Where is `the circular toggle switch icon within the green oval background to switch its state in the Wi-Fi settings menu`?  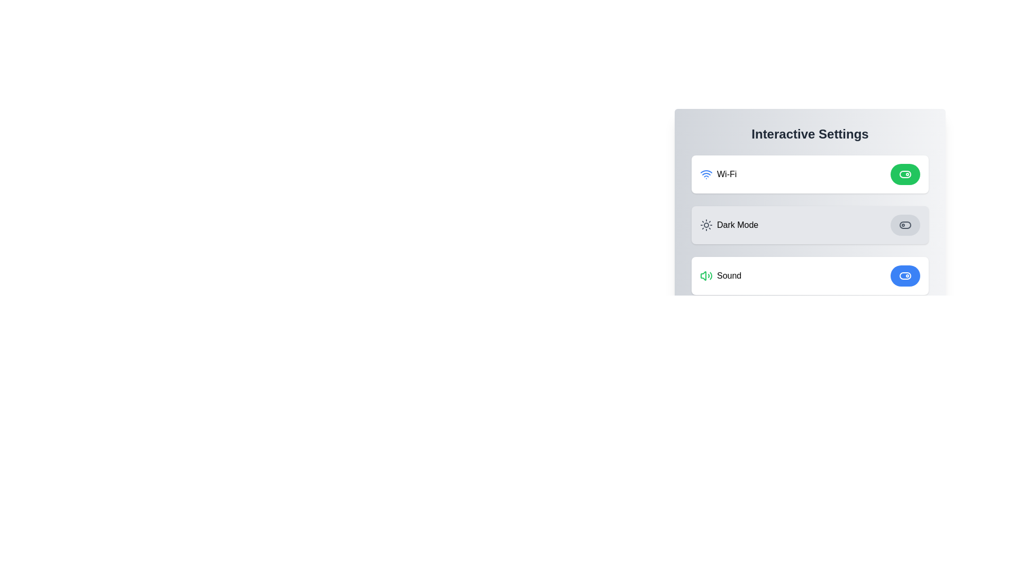 the circular toggle switch icon within the green oval background to switch its state in the Wi-Fi settings menu is located at coordinates (904, 174).